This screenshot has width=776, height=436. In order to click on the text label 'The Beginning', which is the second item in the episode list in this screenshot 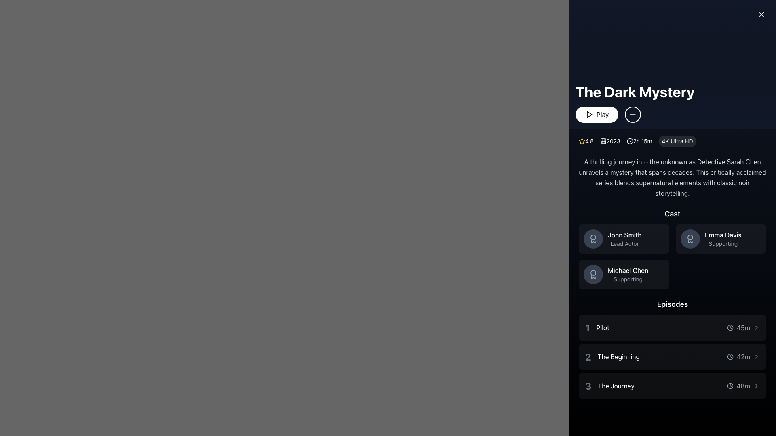, I will do `click(618, 356)`.